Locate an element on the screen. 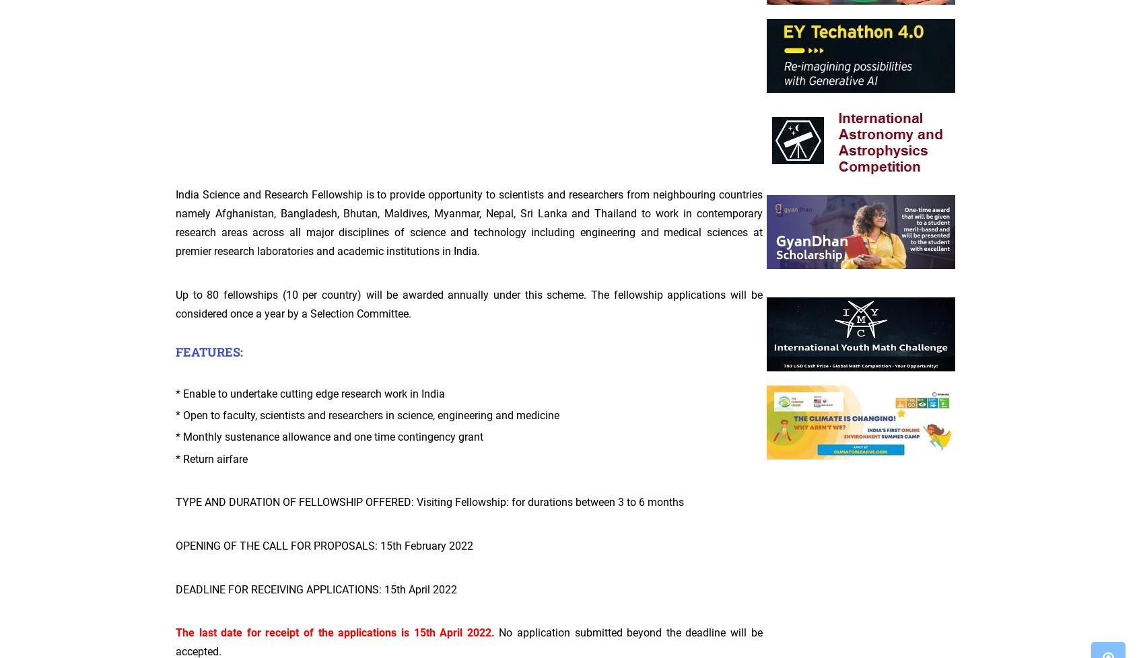 This screenshot has width=1139, height=658. 'Up to 80 fellowships (10 per country) will be awarded annually under this scheme. The fellowship applications will be considered once a year by a Selection Committee.' is located at coordinates (176, 303).